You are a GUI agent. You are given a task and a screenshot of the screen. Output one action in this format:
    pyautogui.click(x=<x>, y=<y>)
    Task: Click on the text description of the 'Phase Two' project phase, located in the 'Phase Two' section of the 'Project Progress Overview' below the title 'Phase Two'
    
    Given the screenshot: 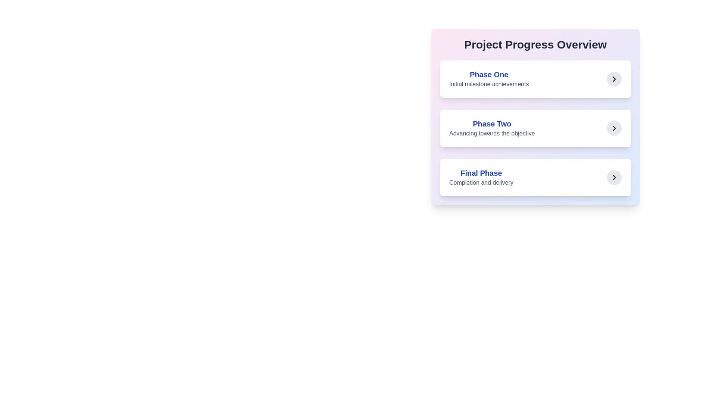 What is the action you would take?
    pyautogui.click(x=492, y=133)
    